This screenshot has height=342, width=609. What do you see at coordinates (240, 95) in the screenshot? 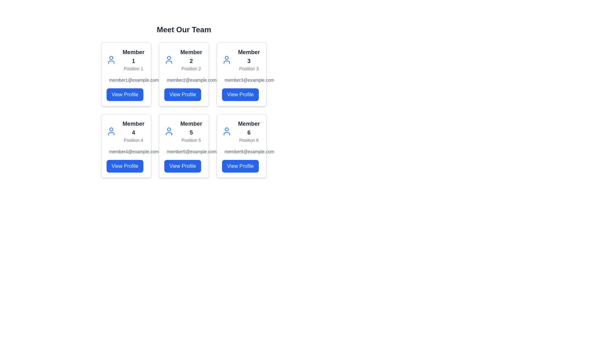
I see `the 'View Profile' button for 'Member 3' to observe the visual change in its appearance` at bounding box center [240, 95].